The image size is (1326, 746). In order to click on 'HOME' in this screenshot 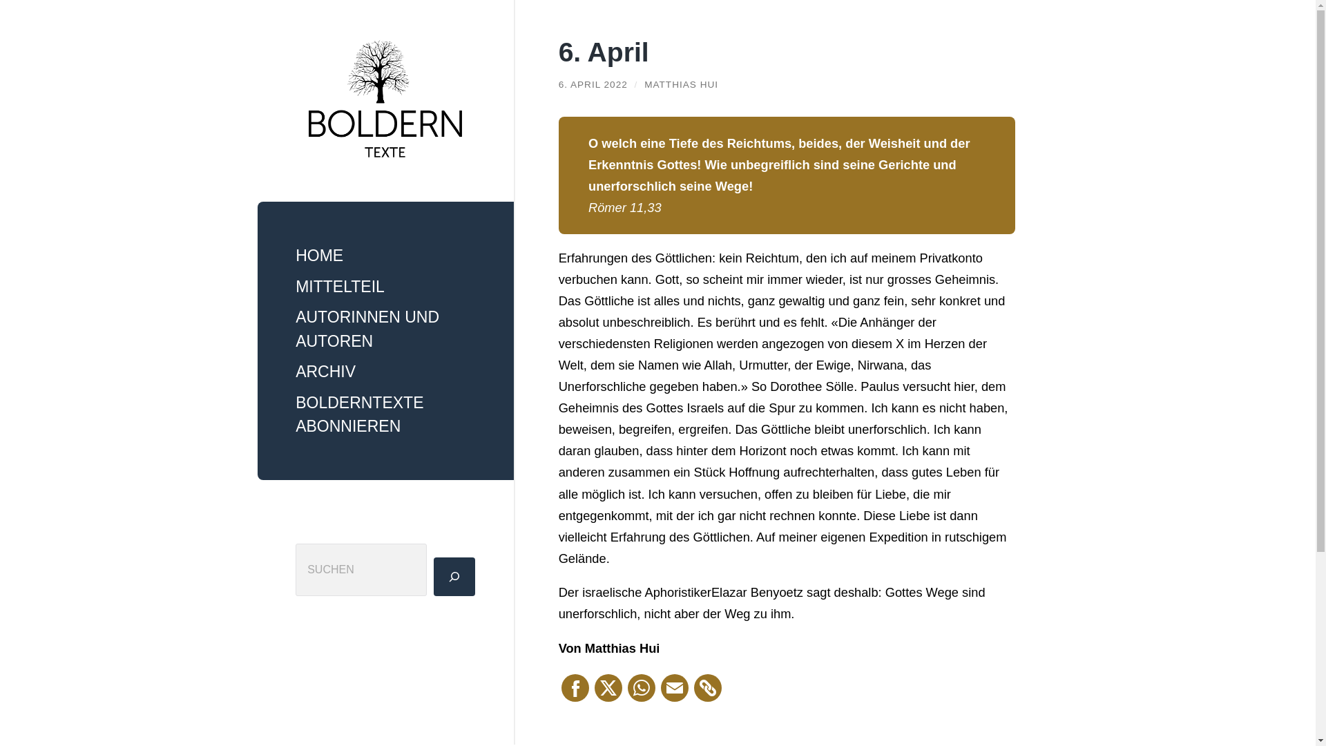, I will do `click(385, 256)`.